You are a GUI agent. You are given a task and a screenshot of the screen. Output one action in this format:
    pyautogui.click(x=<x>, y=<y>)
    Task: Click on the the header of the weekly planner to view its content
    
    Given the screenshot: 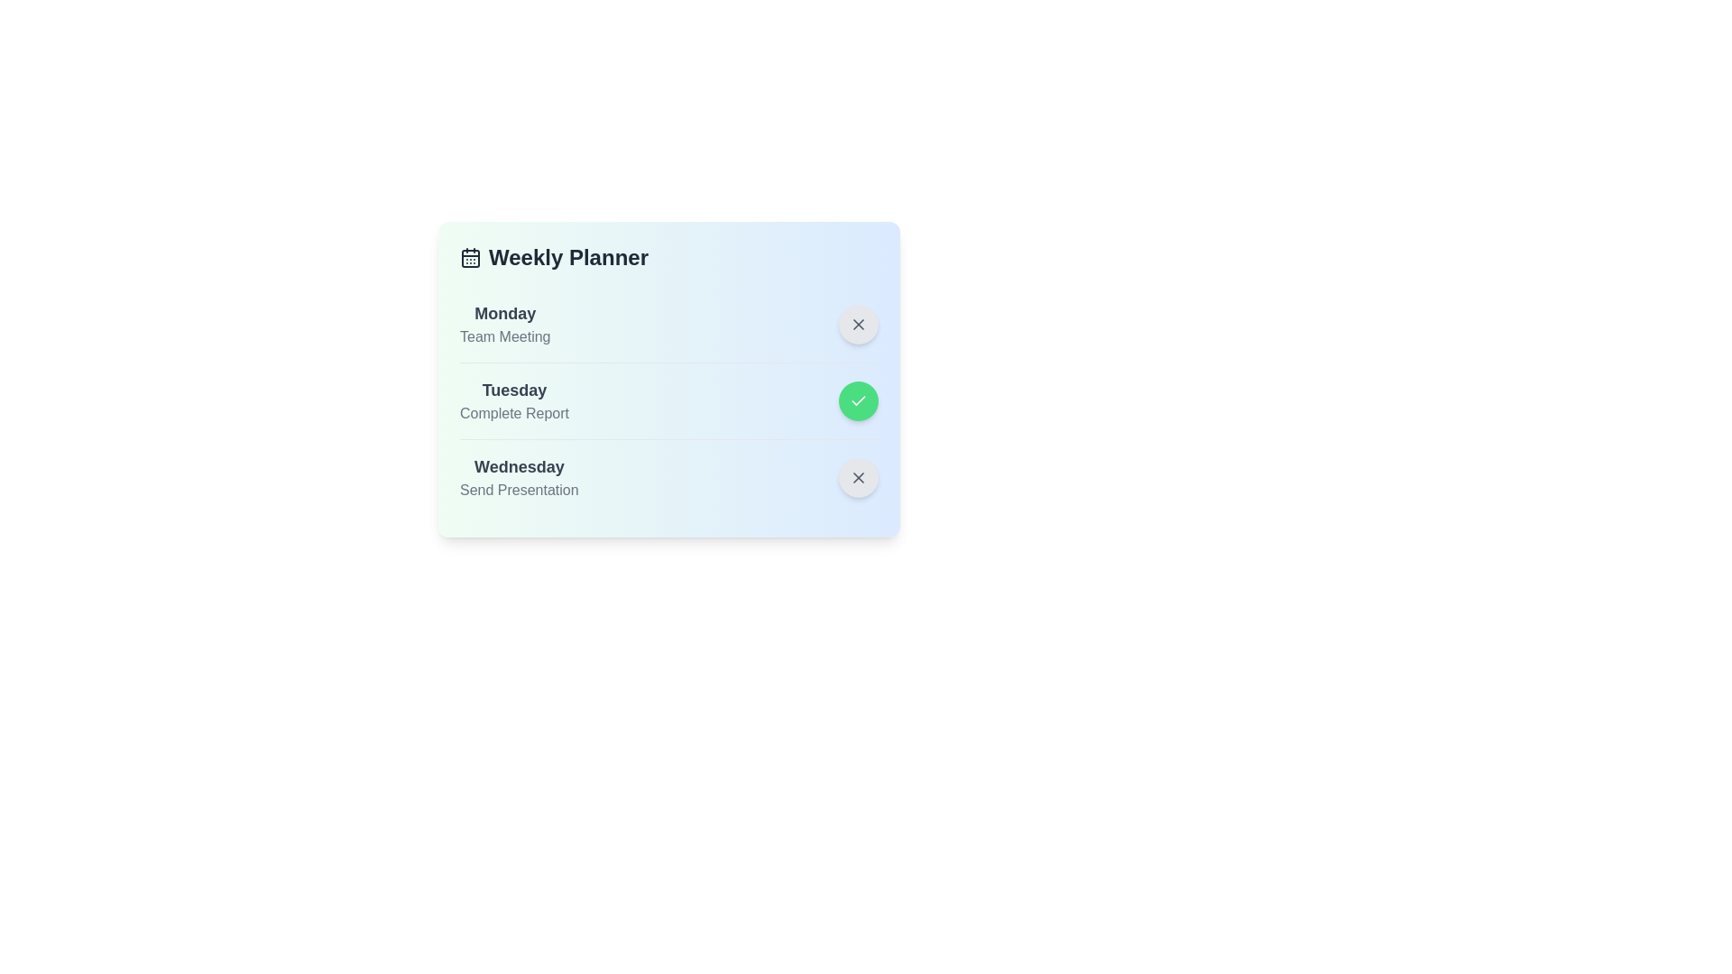 What is the action you would take?
    pyautogui.click(x=668, y=257)
    